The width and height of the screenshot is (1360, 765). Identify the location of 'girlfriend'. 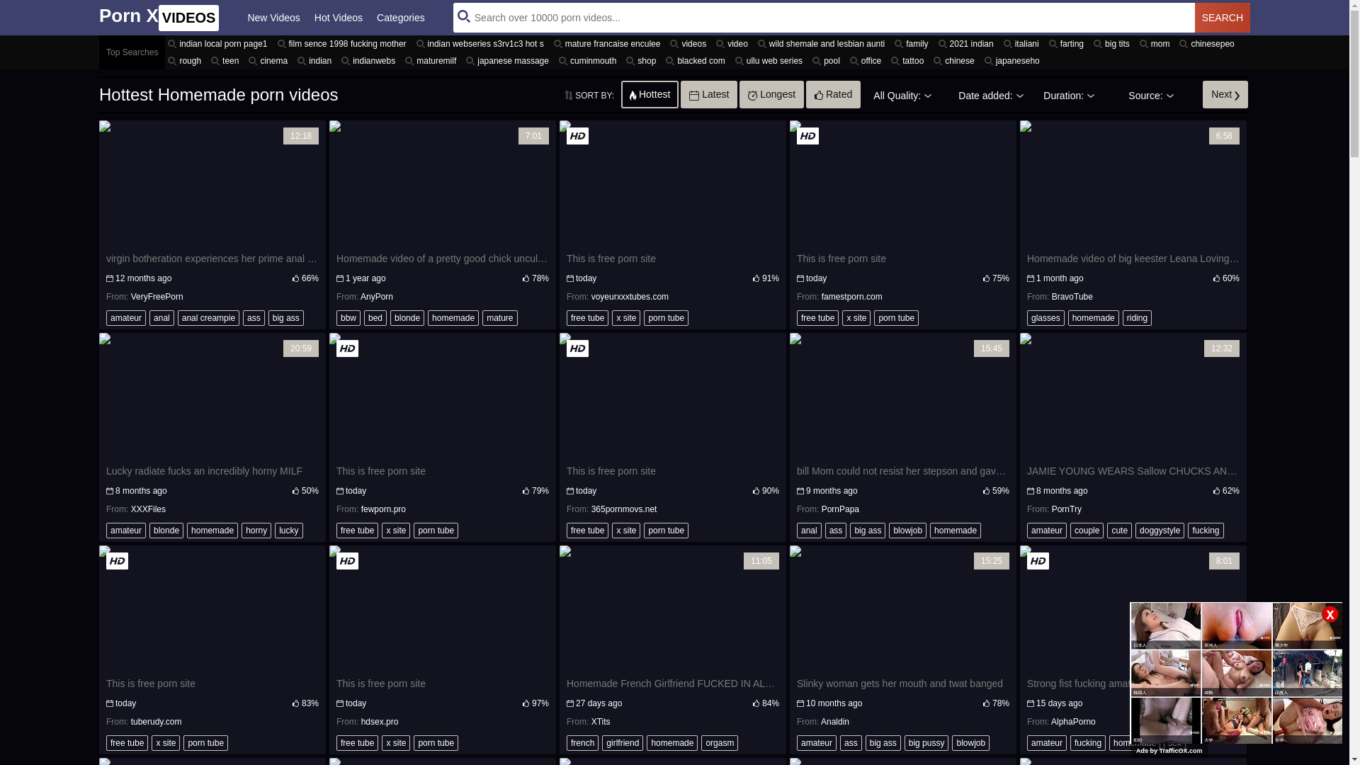
(622, 742).